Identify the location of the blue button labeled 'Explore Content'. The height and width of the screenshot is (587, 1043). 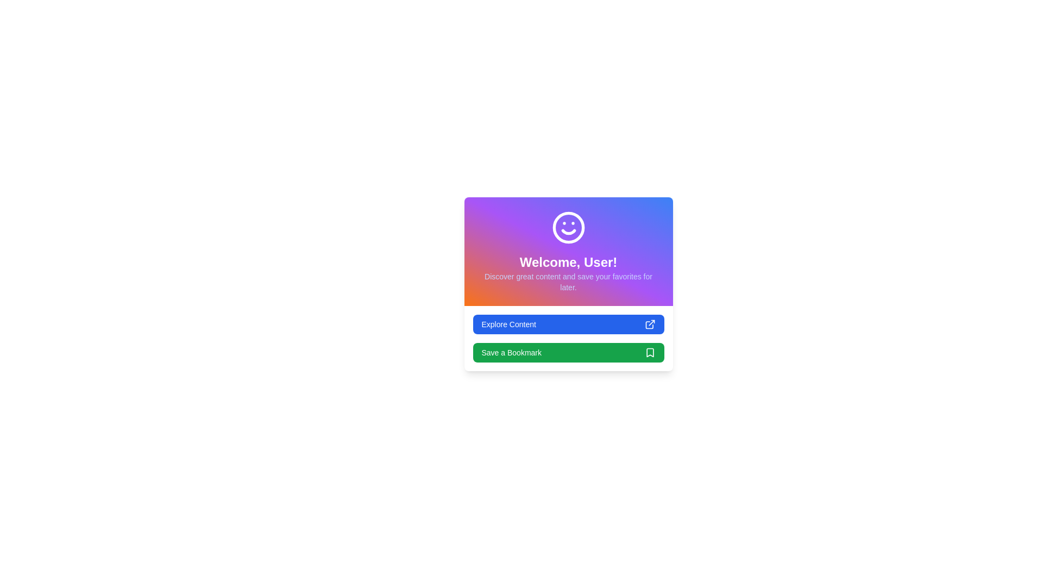
(568, 324).